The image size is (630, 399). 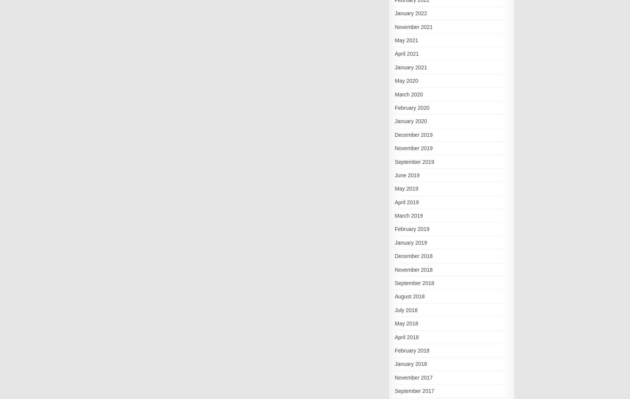 What do you see at coordinates (408, 94) in the screenshot?
I see `'March 2020'` at bounding box center [408, 94].